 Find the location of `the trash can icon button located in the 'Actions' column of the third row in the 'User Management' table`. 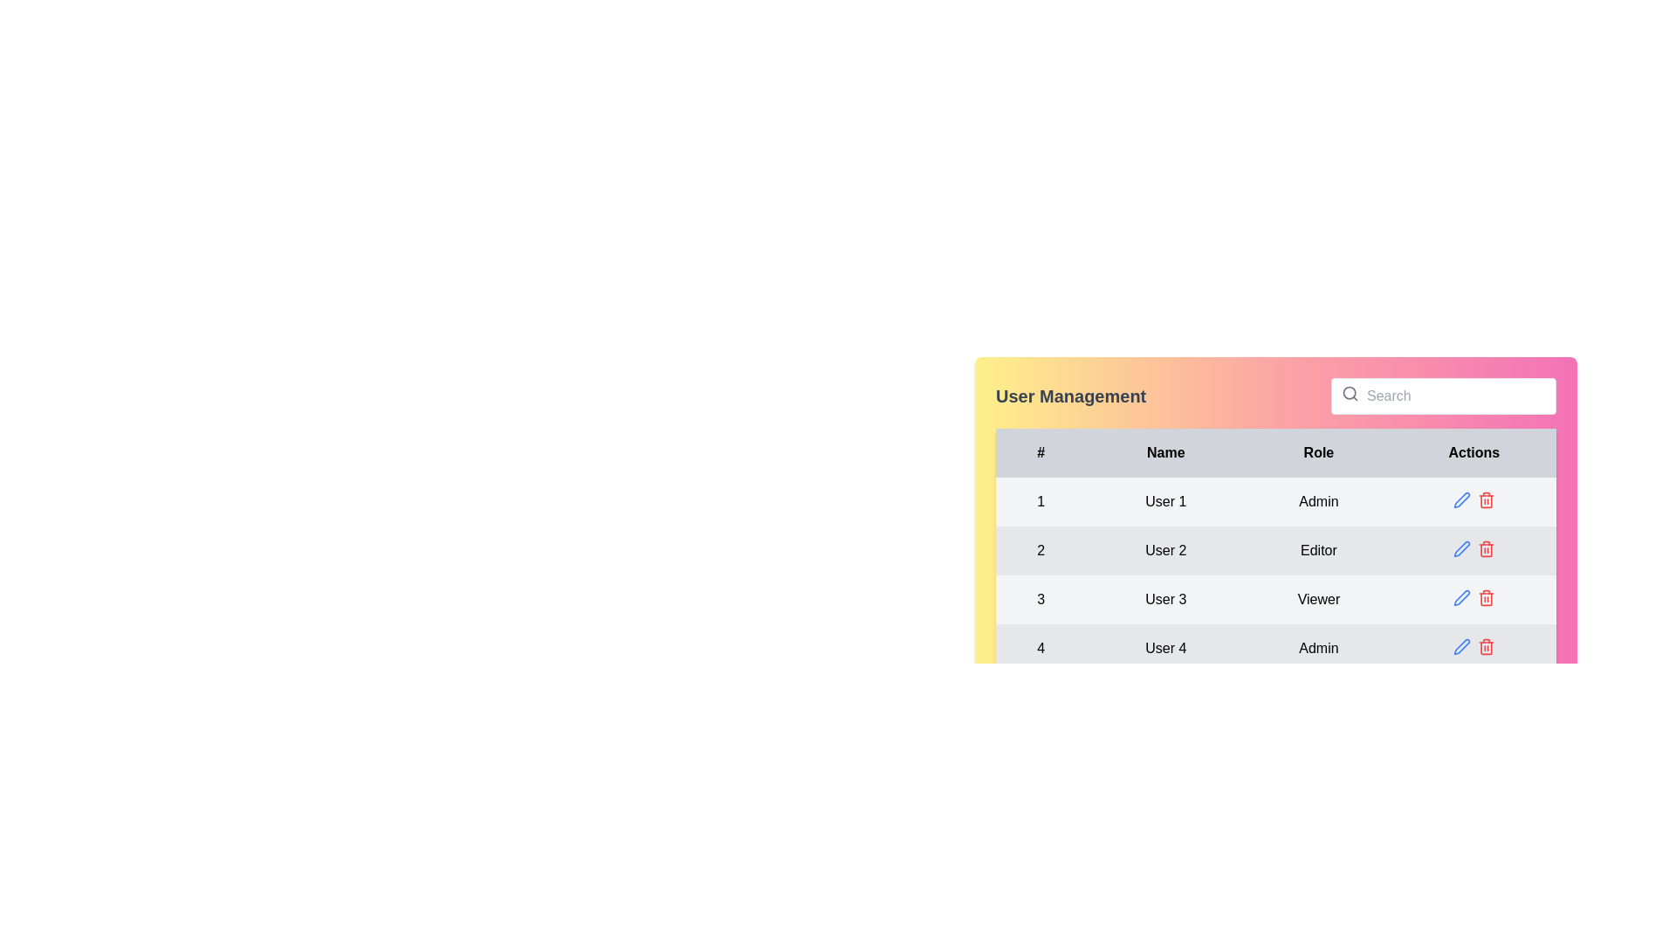

the trash can icon button located in the 'Actions' column of the third row in the 'User Management' table is located at coordinates (1485, 598).